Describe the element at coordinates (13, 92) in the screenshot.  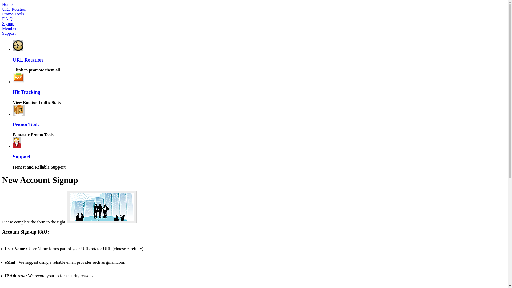
I see `'Hit Tracking'` at that location.